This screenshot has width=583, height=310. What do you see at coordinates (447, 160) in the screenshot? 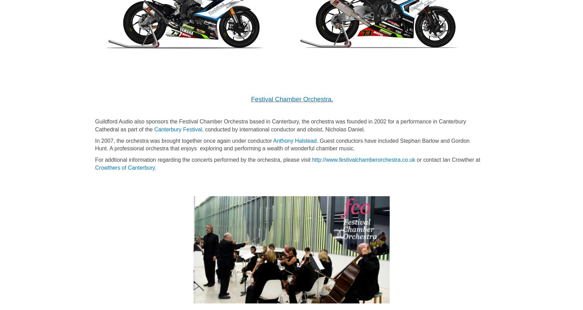
I see `'or contact Ian Crowther at'` at bounding box center [447, 160].